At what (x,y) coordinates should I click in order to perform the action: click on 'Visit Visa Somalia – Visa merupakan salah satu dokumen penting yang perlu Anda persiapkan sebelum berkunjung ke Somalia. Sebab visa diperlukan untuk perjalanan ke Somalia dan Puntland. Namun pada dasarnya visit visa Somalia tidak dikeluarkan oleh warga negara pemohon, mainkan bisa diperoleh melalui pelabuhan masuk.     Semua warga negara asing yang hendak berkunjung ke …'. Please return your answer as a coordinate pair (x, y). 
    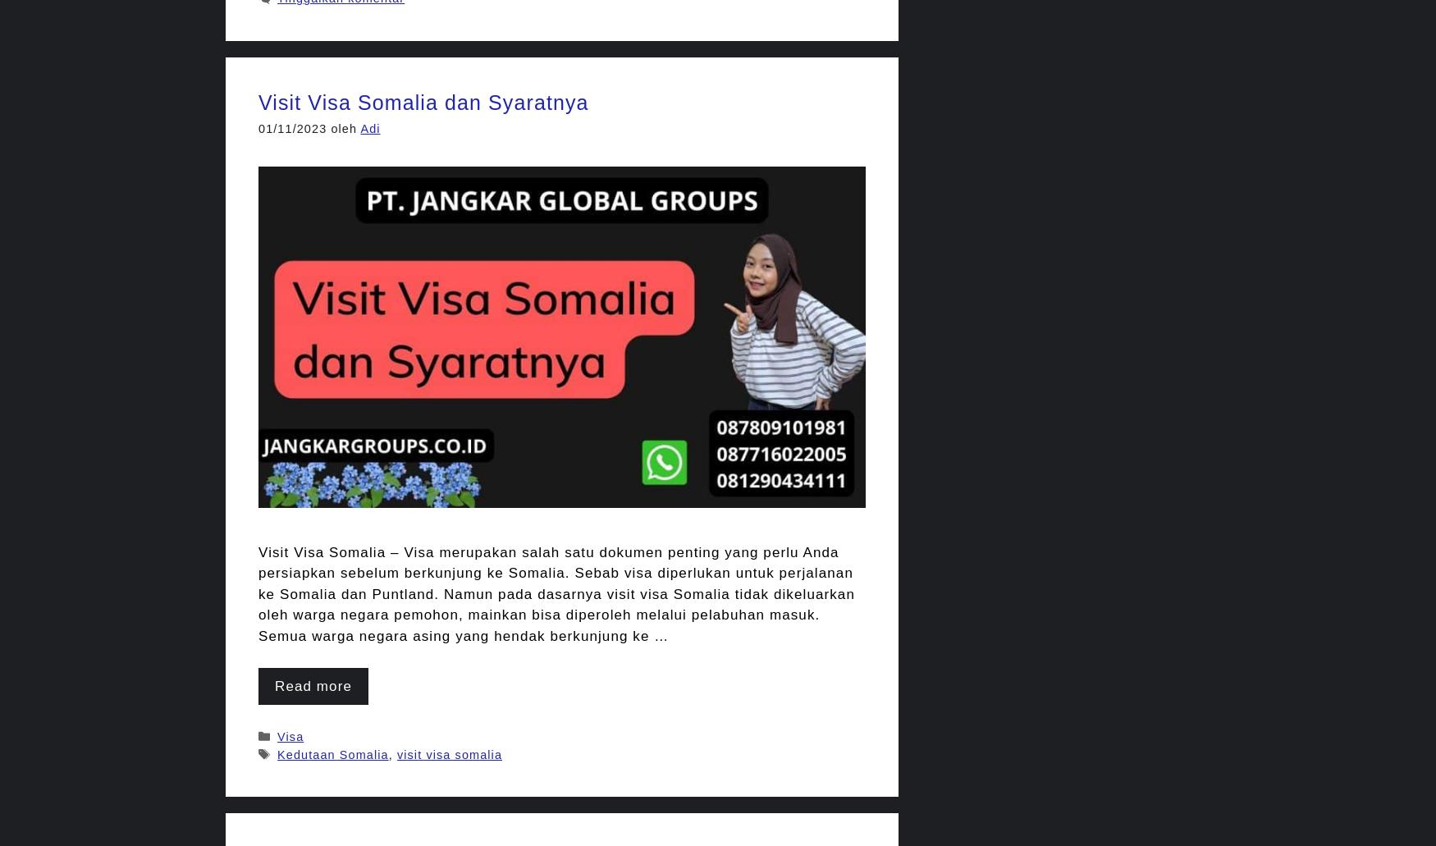
    Looking at the image, I should click on (555, 592).